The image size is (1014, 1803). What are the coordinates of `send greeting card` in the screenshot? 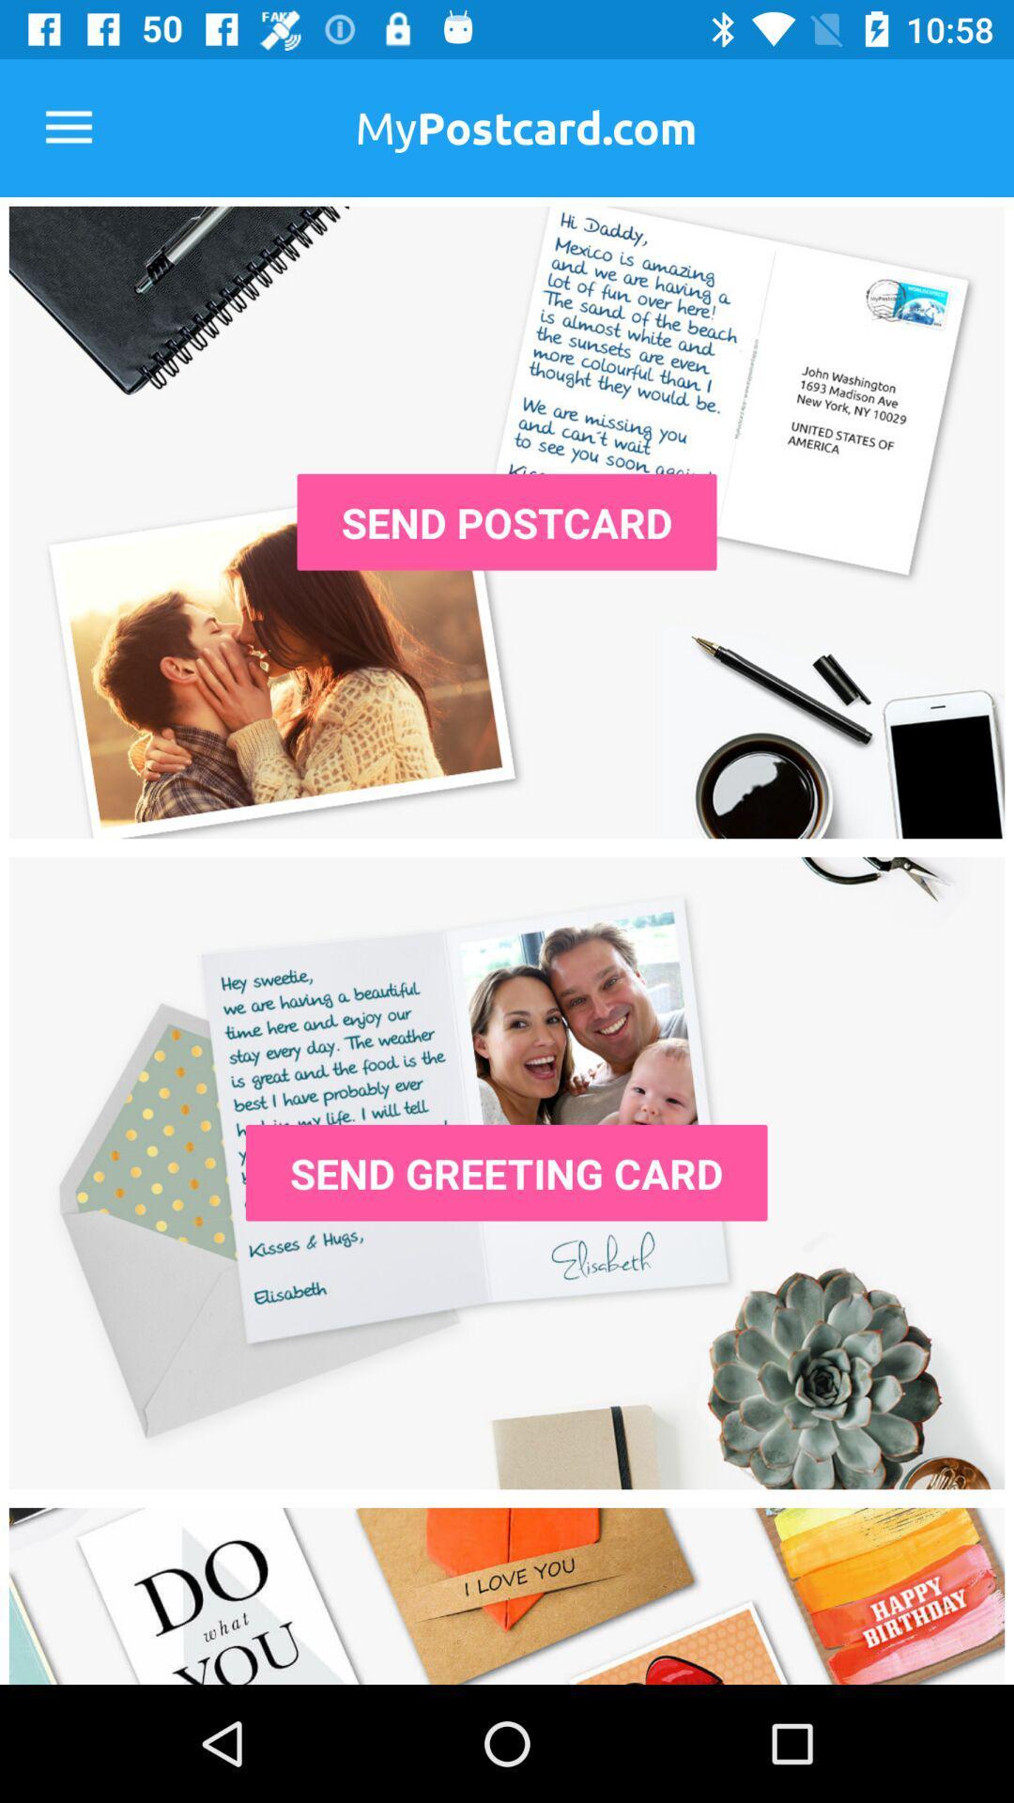 It's located at (507, 1172).